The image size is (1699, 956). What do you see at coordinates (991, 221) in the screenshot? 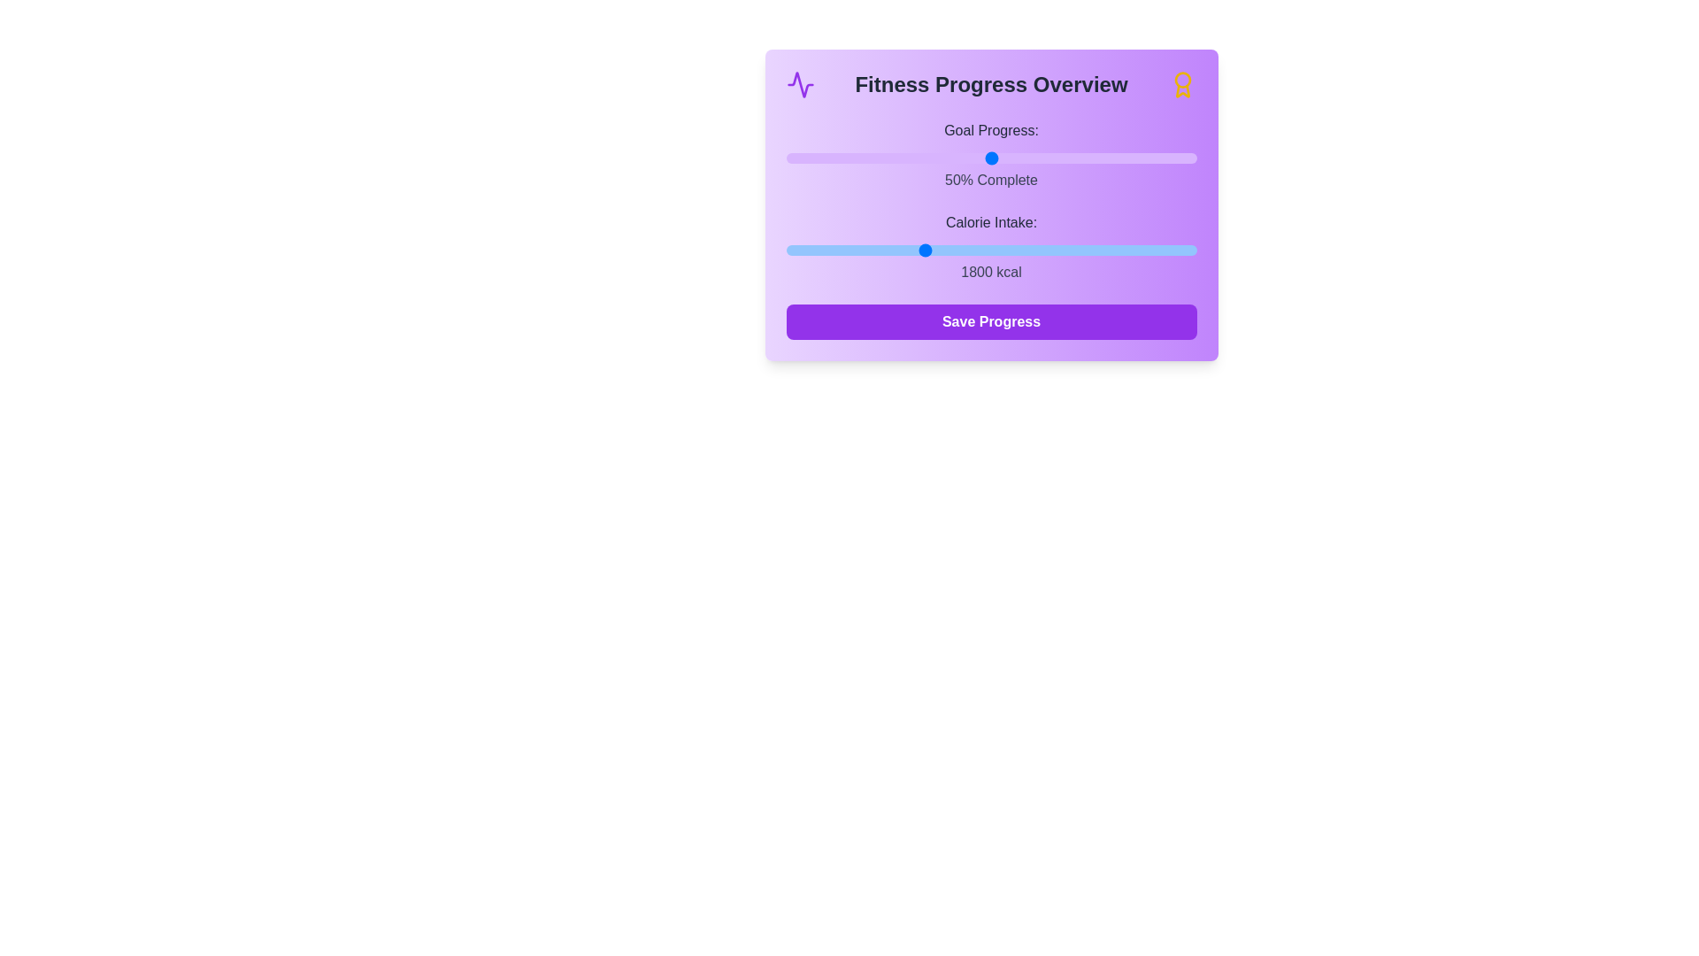
I see `the text label 'Calorie Intake:' which is styled with a bold font and located within a purple-themed fitness progress card` at bounding box center [991, 221].